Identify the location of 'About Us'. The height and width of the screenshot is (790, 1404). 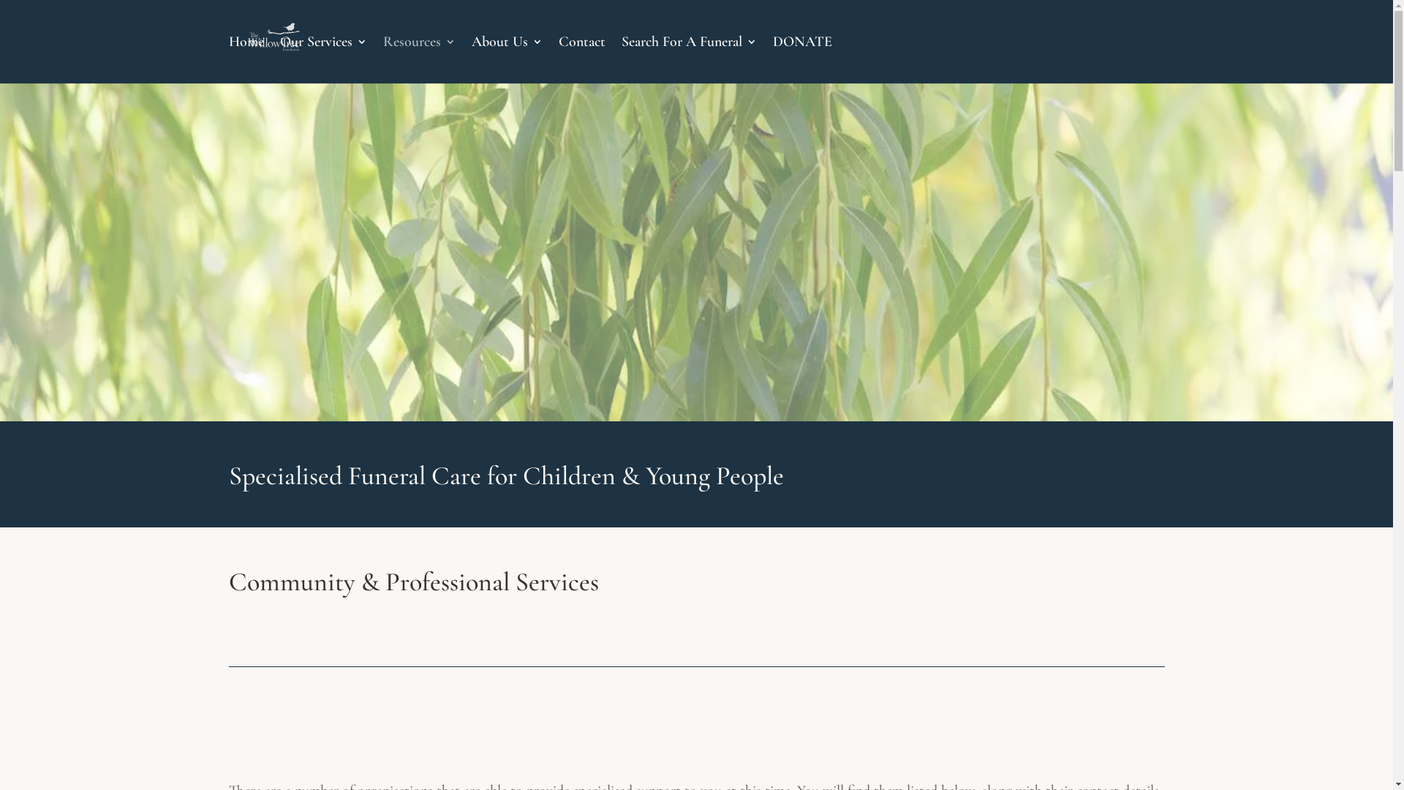
(506, 59).